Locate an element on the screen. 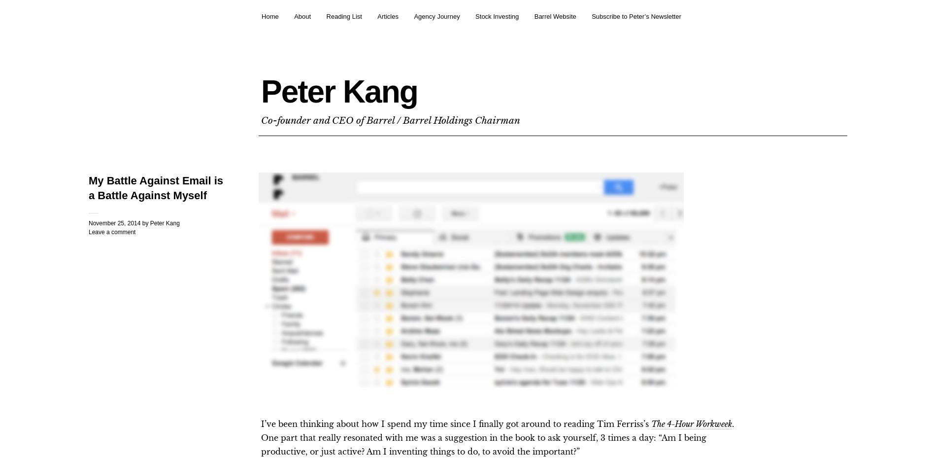 This screenshot has height=458, width=936. 'November 25, 2014' is located at coordinates (88, 222).